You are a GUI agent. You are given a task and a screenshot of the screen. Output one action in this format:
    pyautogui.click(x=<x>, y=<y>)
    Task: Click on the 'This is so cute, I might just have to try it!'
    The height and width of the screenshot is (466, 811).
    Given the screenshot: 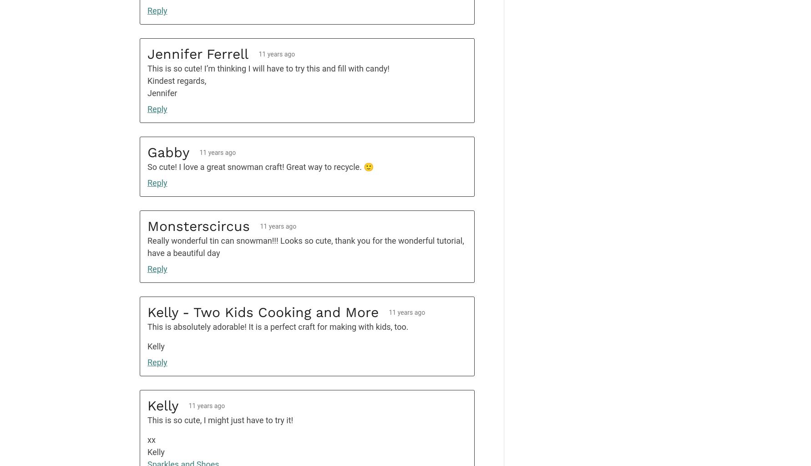 What is the action you would take?
    pyautogui.click(x=219, y=420)
    